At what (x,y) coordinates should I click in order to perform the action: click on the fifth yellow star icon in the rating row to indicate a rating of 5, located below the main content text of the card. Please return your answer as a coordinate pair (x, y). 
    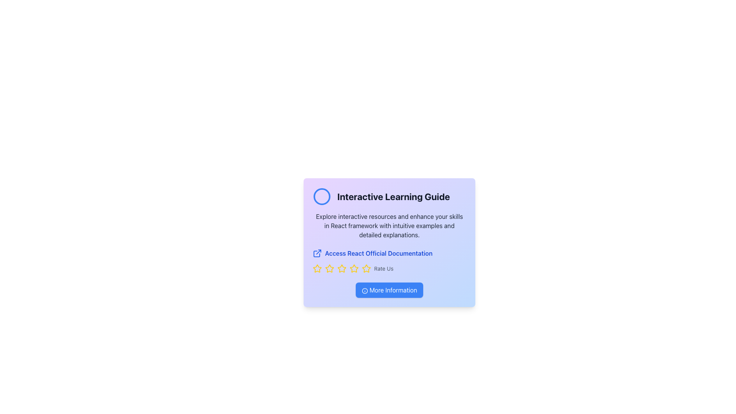
    Looking at the image, I should click on (366, 268).